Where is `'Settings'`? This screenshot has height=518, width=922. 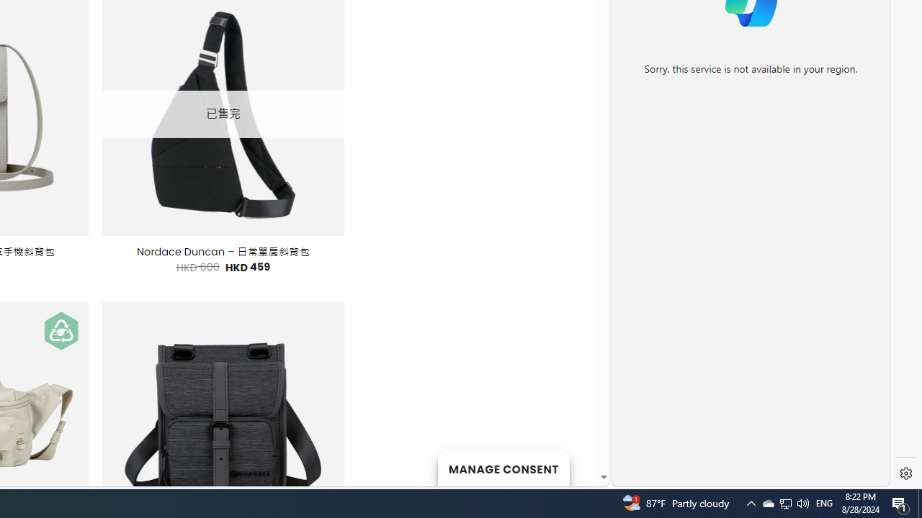 'Settings' is located at coordinates (905, 473).